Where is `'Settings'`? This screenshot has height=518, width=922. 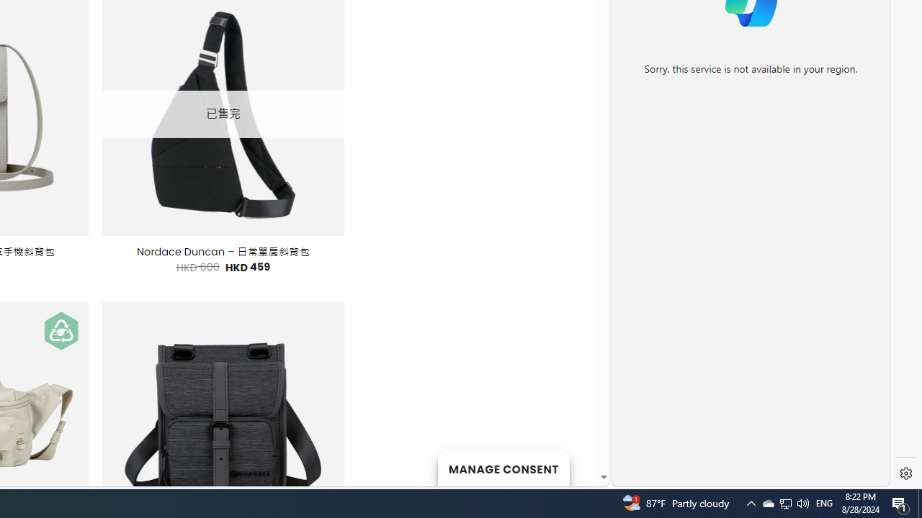 'Settings' is located at coordinates (905, 473).